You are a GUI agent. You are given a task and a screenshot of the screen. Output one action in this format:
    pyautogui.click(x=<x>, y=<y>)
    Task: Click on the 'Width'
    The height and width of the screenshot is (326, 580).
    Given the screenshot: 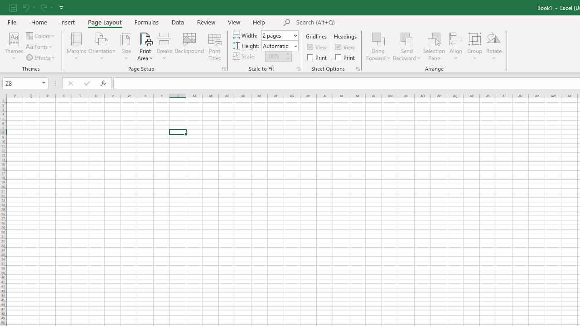 What is the action you would take?
    pyautogui.click(x=280, y=35)
    